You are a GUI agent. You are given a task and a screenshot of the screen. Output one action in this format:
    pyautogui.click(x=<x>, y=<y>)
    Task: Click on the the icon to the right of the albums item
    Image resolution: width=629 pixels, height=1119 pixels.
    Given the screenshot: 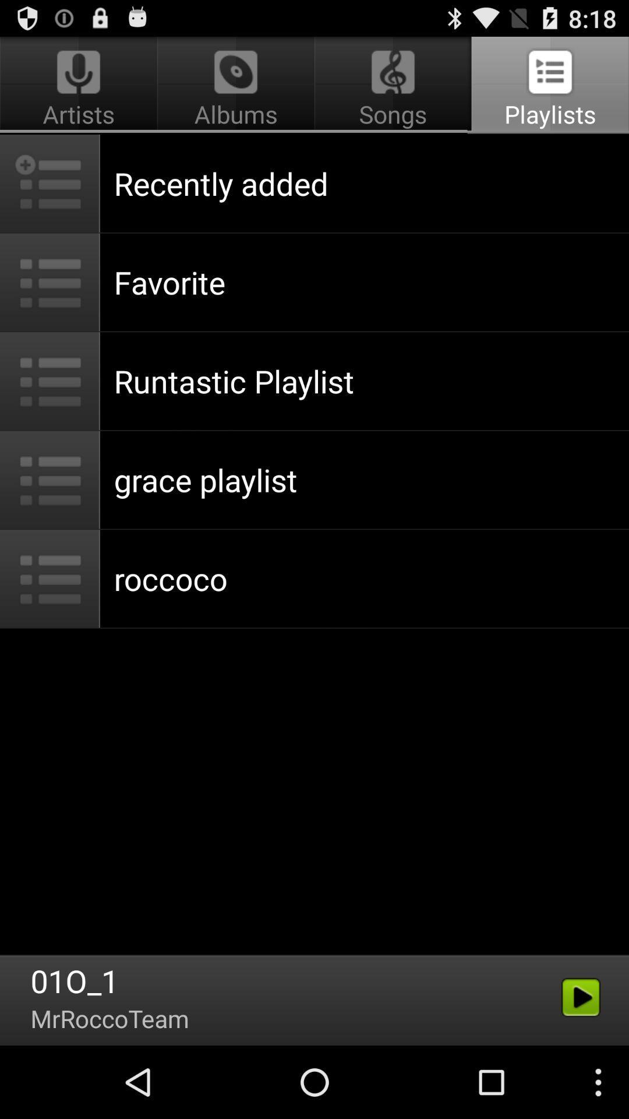 What is the action you would take?
    pyautogui.click(x=548, y=85)
    